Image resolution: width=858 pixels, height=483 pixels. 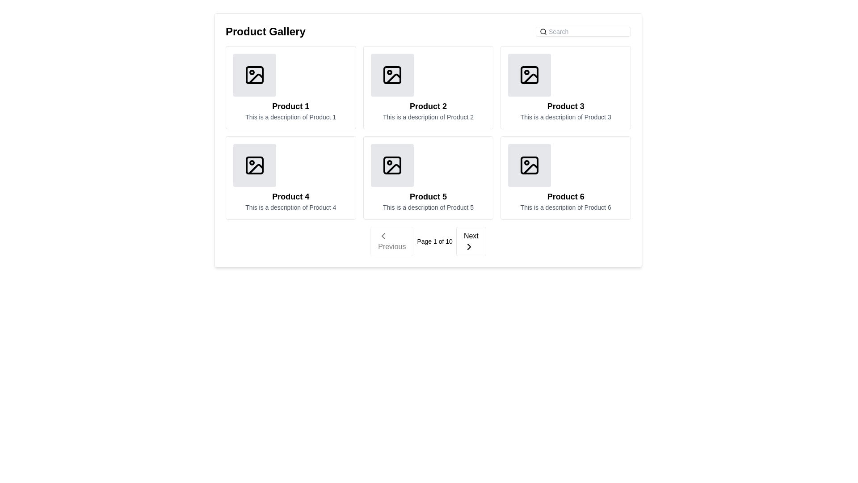 I want to click on current page information displayed in the Pagination control panel, which shows 'Page 1 of 10' at its center, so click(x=428, y=241).